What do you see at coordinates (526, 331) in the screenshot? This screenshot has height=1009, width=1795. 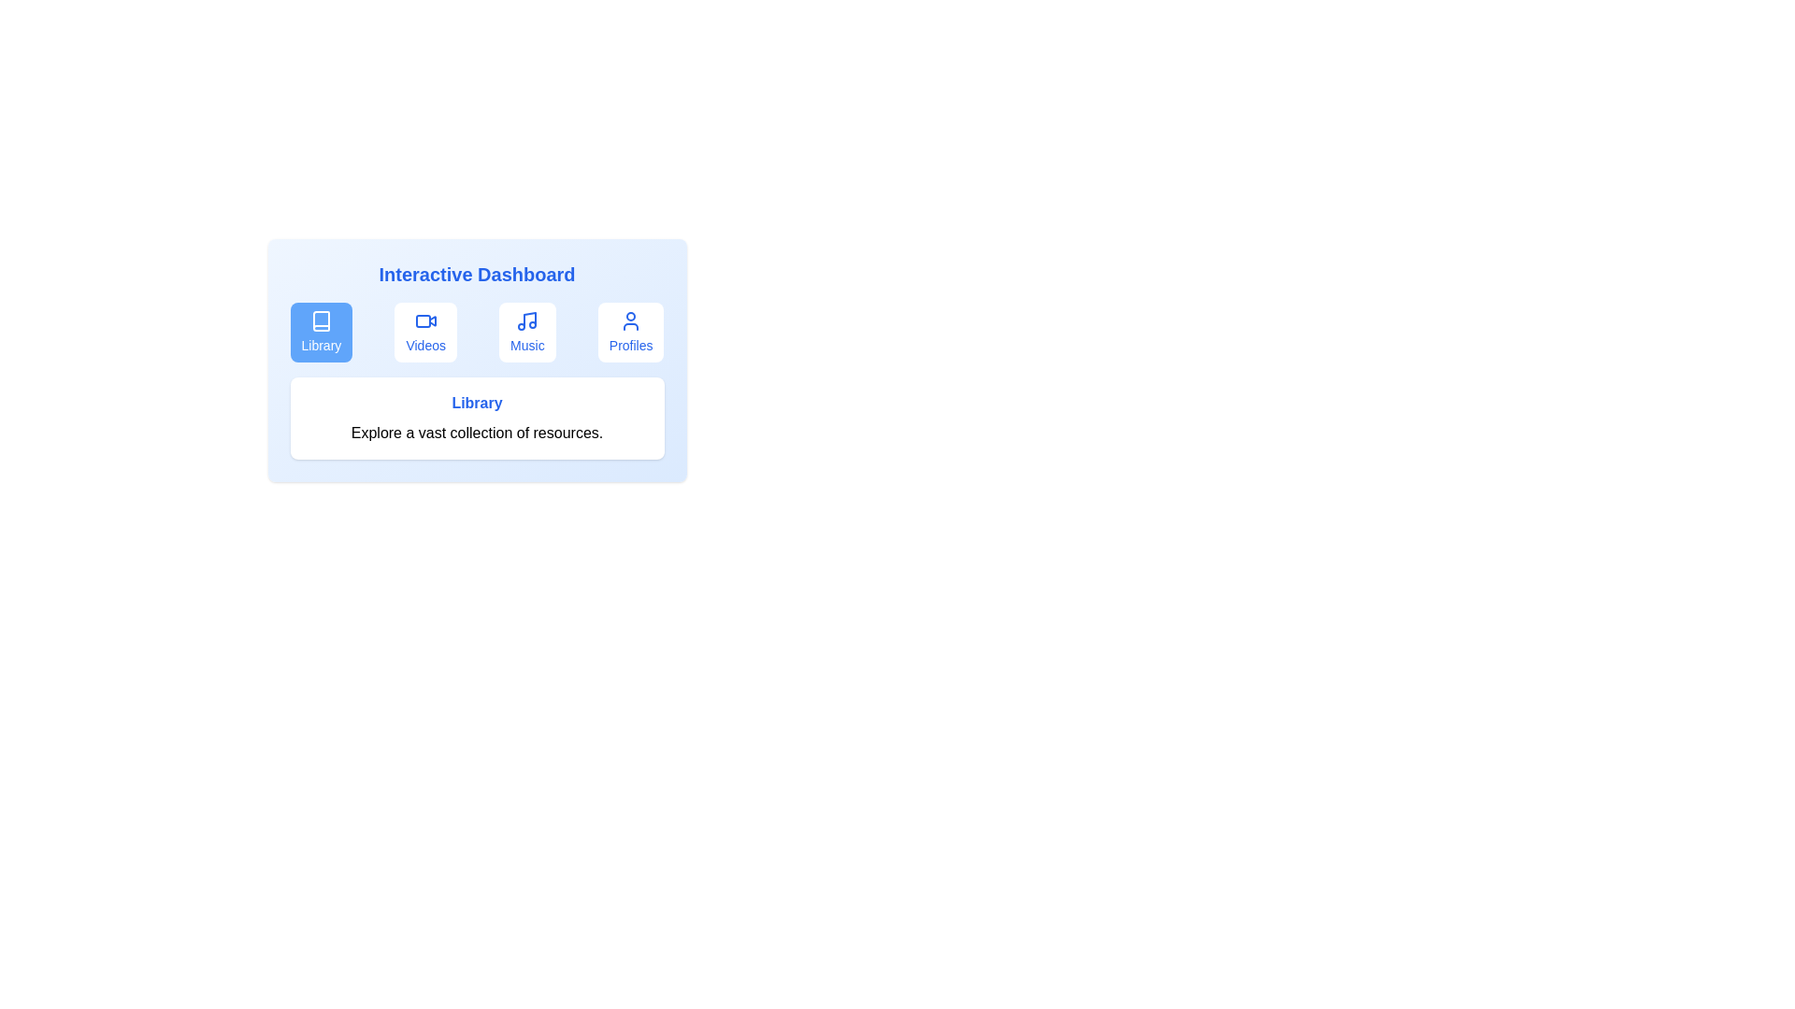 I see `the tab corresponding to Music` at bounding box center [526, 331].